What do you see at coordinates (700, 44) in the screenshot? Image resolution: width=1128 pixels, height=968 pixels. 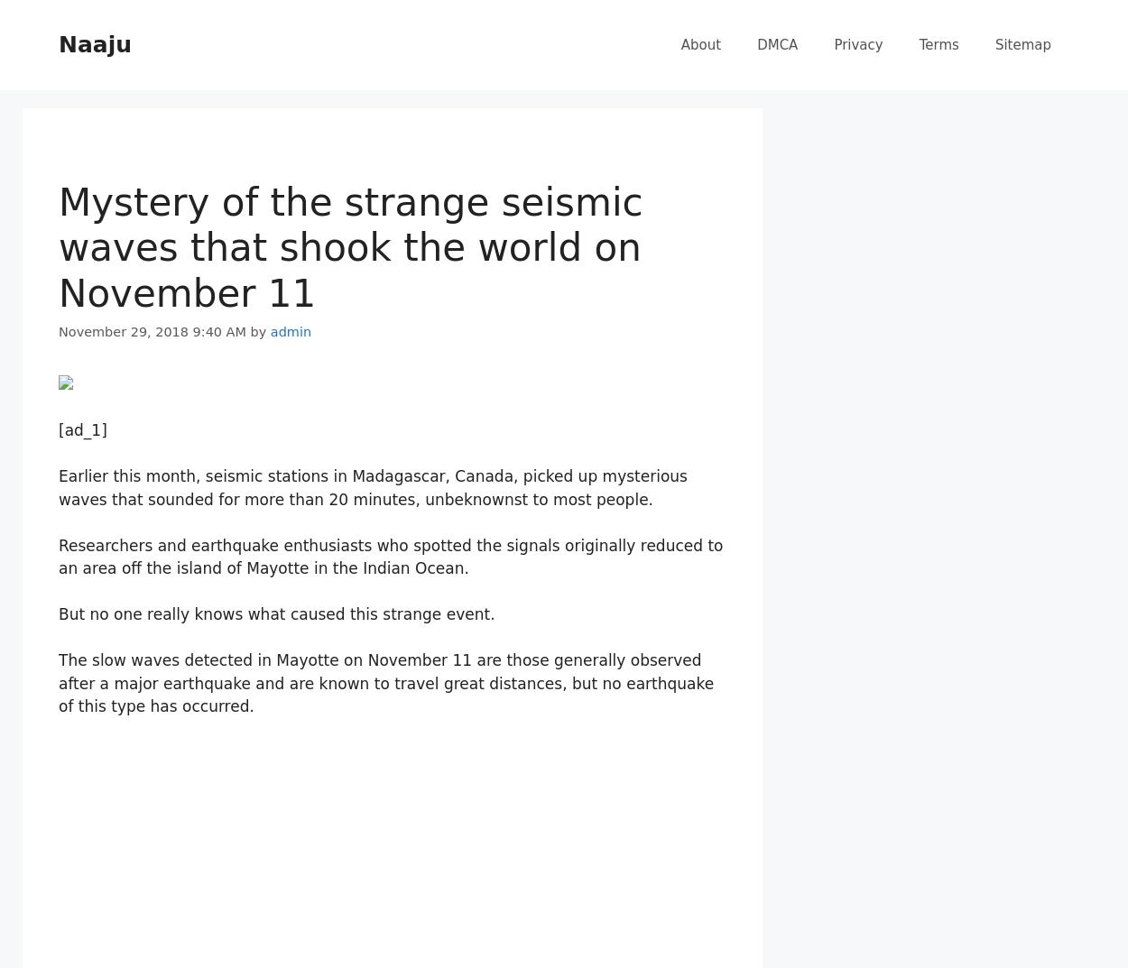 I see `'About'` at bounding box center [700, 44].